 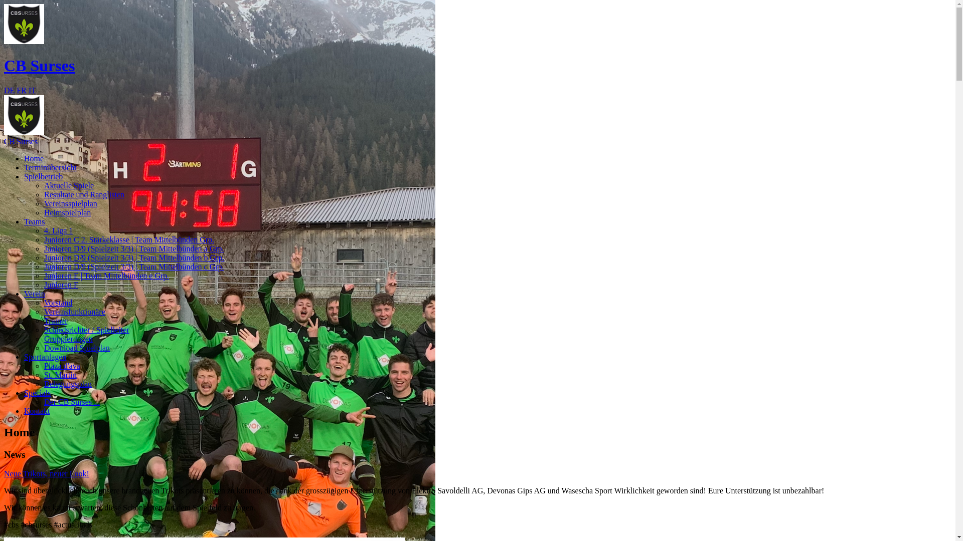 What do you see at coordinates (43, 375) in the screenshot?
I see `'St. Martin'` at bounding box center [43, 375].